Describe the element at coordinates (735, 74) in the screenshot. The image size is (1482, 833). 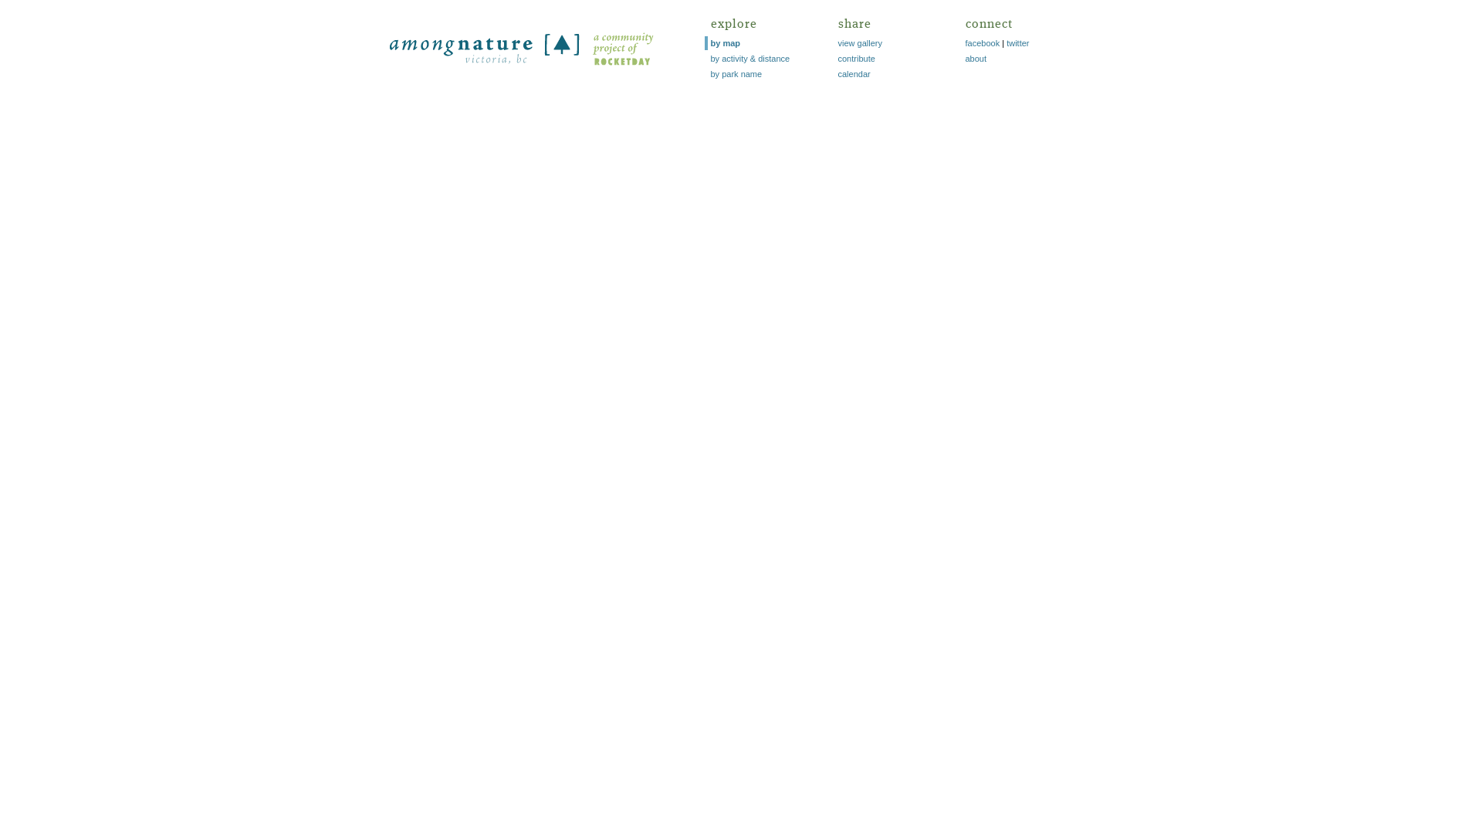
I see `'by park name'` at that location.